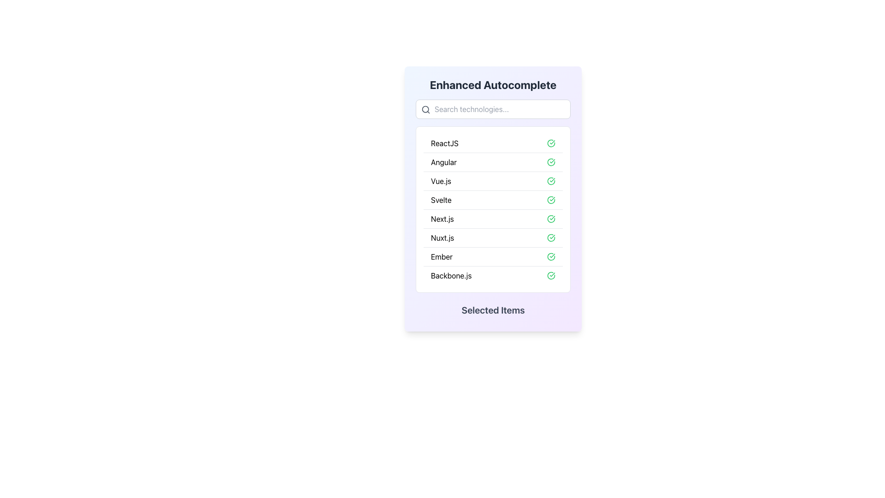 This screenshot has height=498, width=885. What do you see at coordinates (551, 237) in the screenshot?
I see `the green outlined circular icon with a checkmark cutout that is adjacent to the text 'Nuxt.js' in the 'Enhanced Autocomplete' list` at bounding box center [551, 237].